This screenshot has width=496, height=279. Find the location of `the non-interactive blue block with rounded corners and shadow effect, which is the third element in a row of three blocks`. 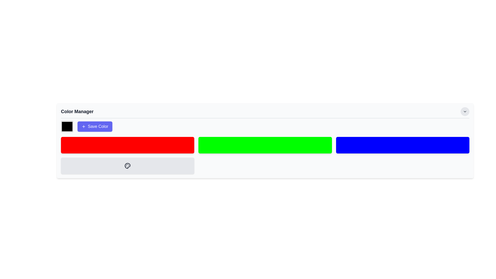

the non-interactive blue block with rounded corners and shadow effect, which is the third element in a row of three blocks is located at coordinates (402, 145).